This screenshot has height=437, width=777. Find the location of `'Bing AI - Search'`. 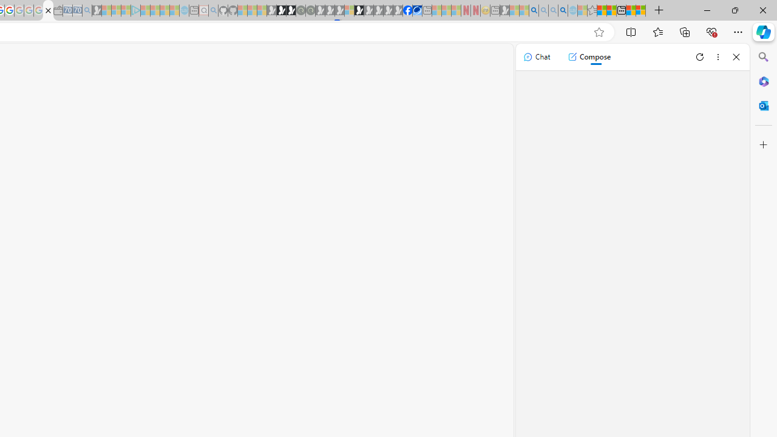

'Bing AI - Search' is located at coordinates (534, 10).